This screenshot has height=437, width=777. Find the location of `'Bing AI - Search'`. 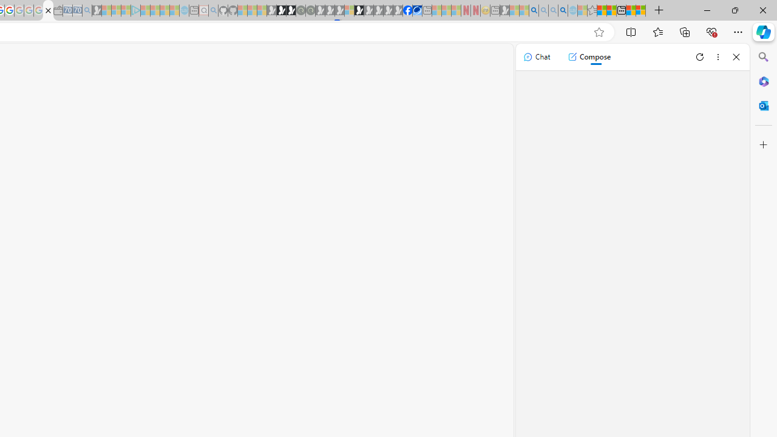

'Bing AI - Search' is located at coordinates (534, 10).